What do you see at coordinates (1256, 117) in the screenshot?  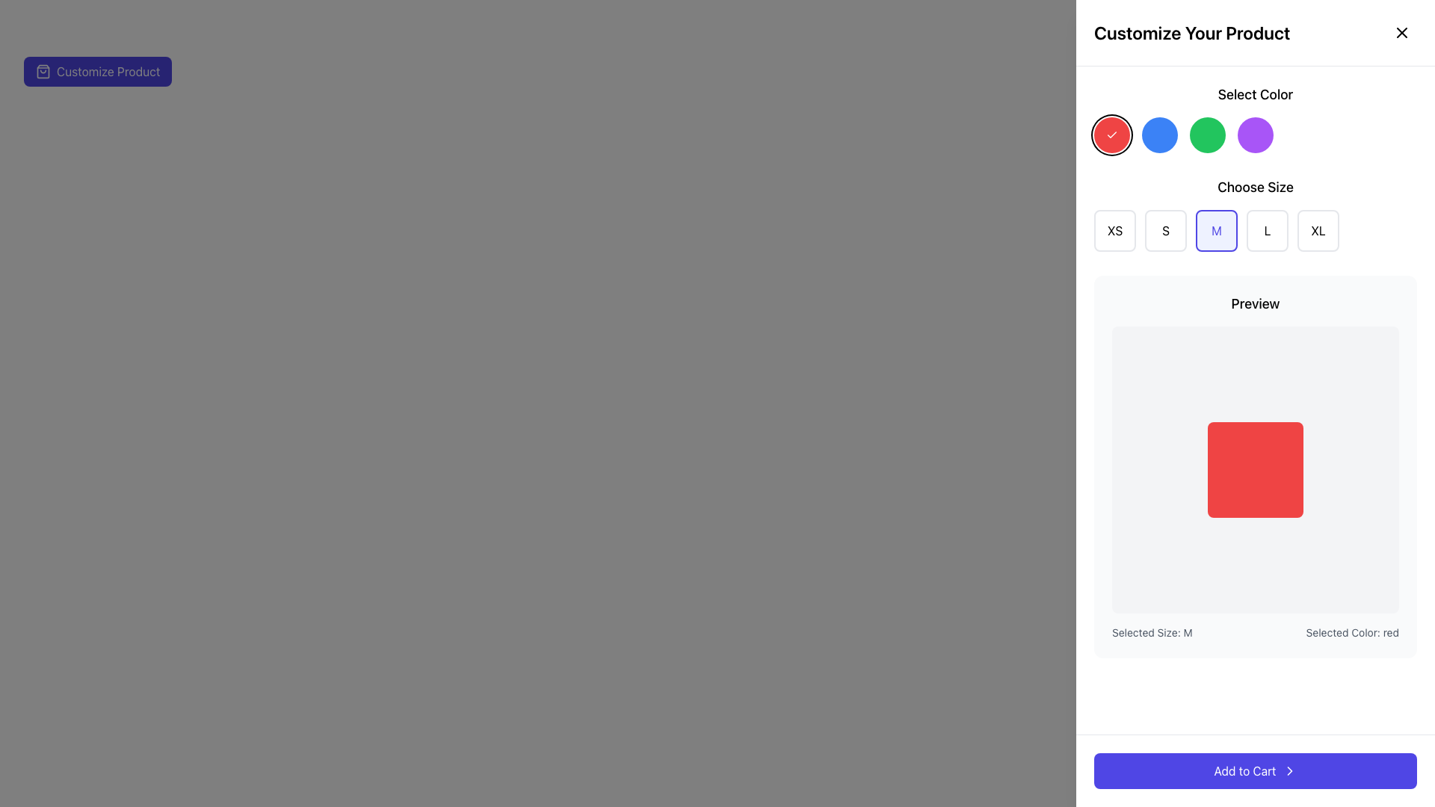 I see `the 'Select Color' text label, which is styled with a medium font weight and larger text size, positioned above the circular color options in the 'Customize Your Product' panel` at bounding box center [1256, 117].